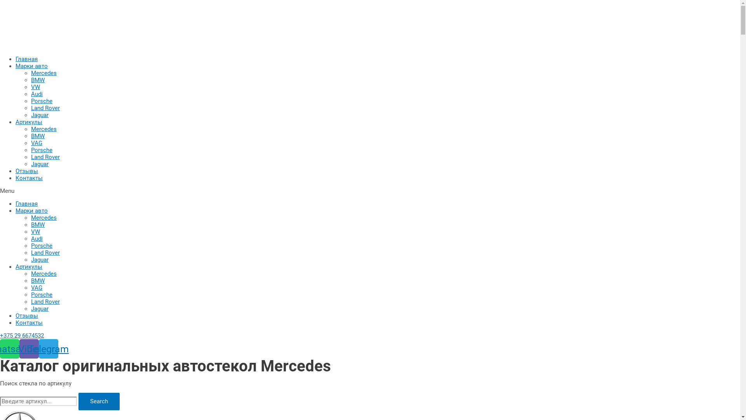 The image size is (746, 420). What do you see at coordinates (35, 231) in the screenshot?
I see `'VW'` at bounding box center [35, 231].